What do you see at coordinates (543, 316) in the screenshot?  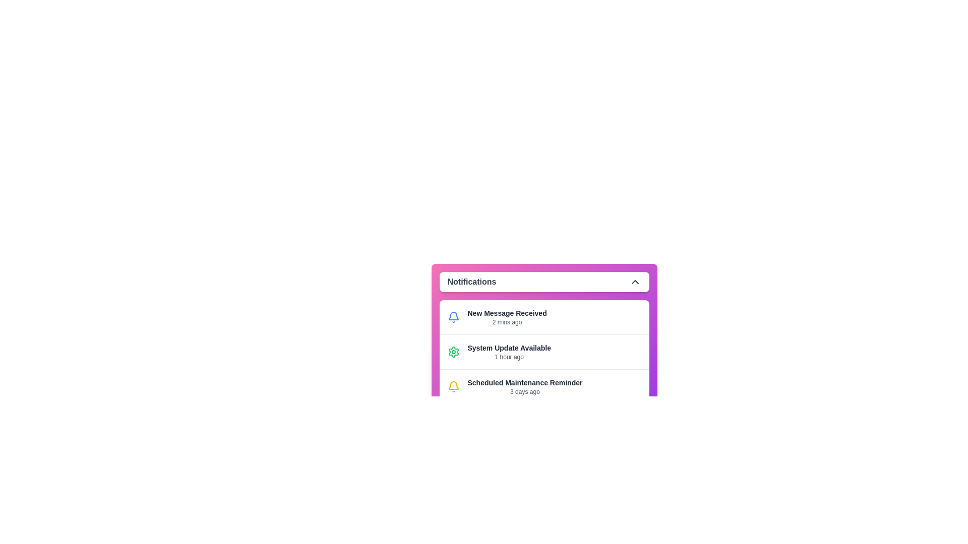 I see `notification details by clicking on the first notification item, which includes a bell icon and the text 'New Message Received'` at bounding box center [543, 316].